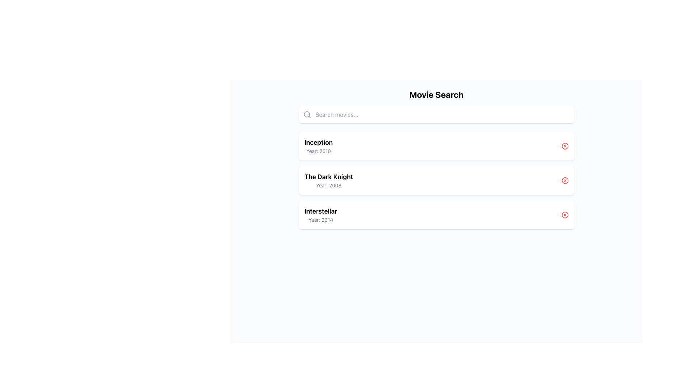 This screenshot has width=689, height=387. What do you see at coordinates (318, 146) in the screenshot?
I see `the Information Display that shows the movie title and release year, which is the first item in a vertical list of movie entries` at bounding box center [318, 146].